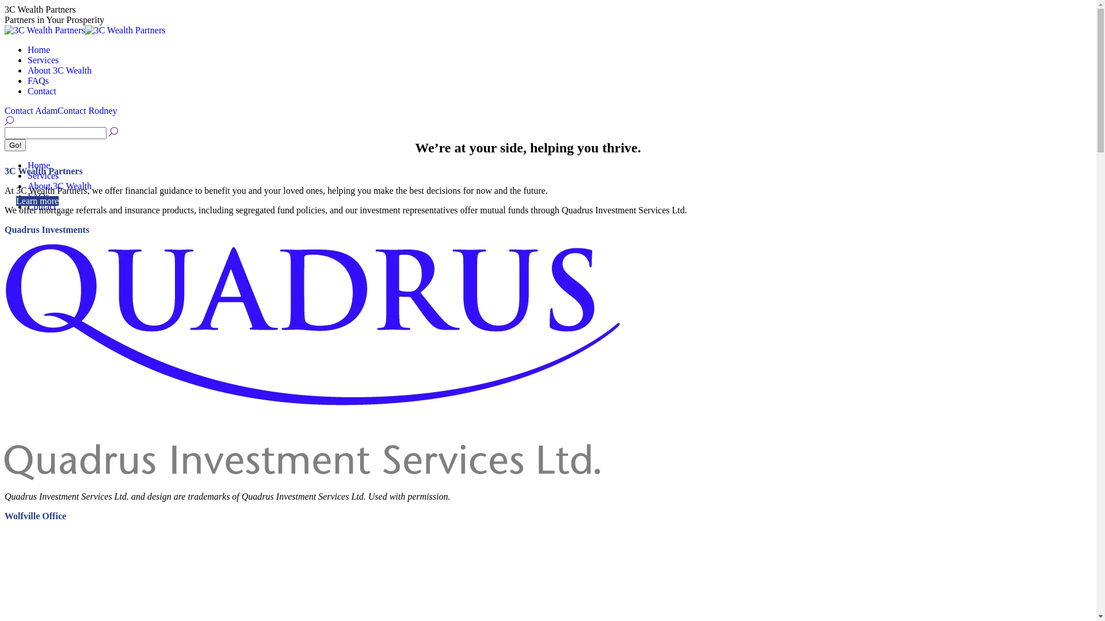 The image size is (1105, 621). What do you see at coordinates (41, 206) in the screenshot?
I see `'Contact'` at bounding box center [41, 206].